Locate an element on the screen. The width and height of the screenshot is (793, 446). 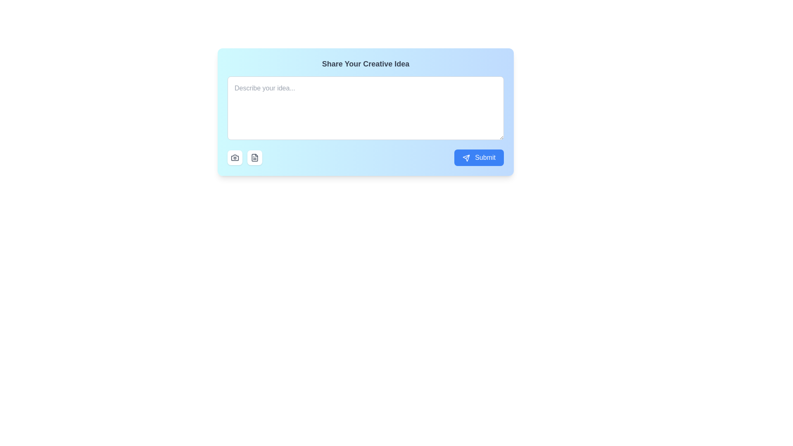
the large blue 'Submit' button located on the lower right side of the input area is located at coordinates (479, 157).